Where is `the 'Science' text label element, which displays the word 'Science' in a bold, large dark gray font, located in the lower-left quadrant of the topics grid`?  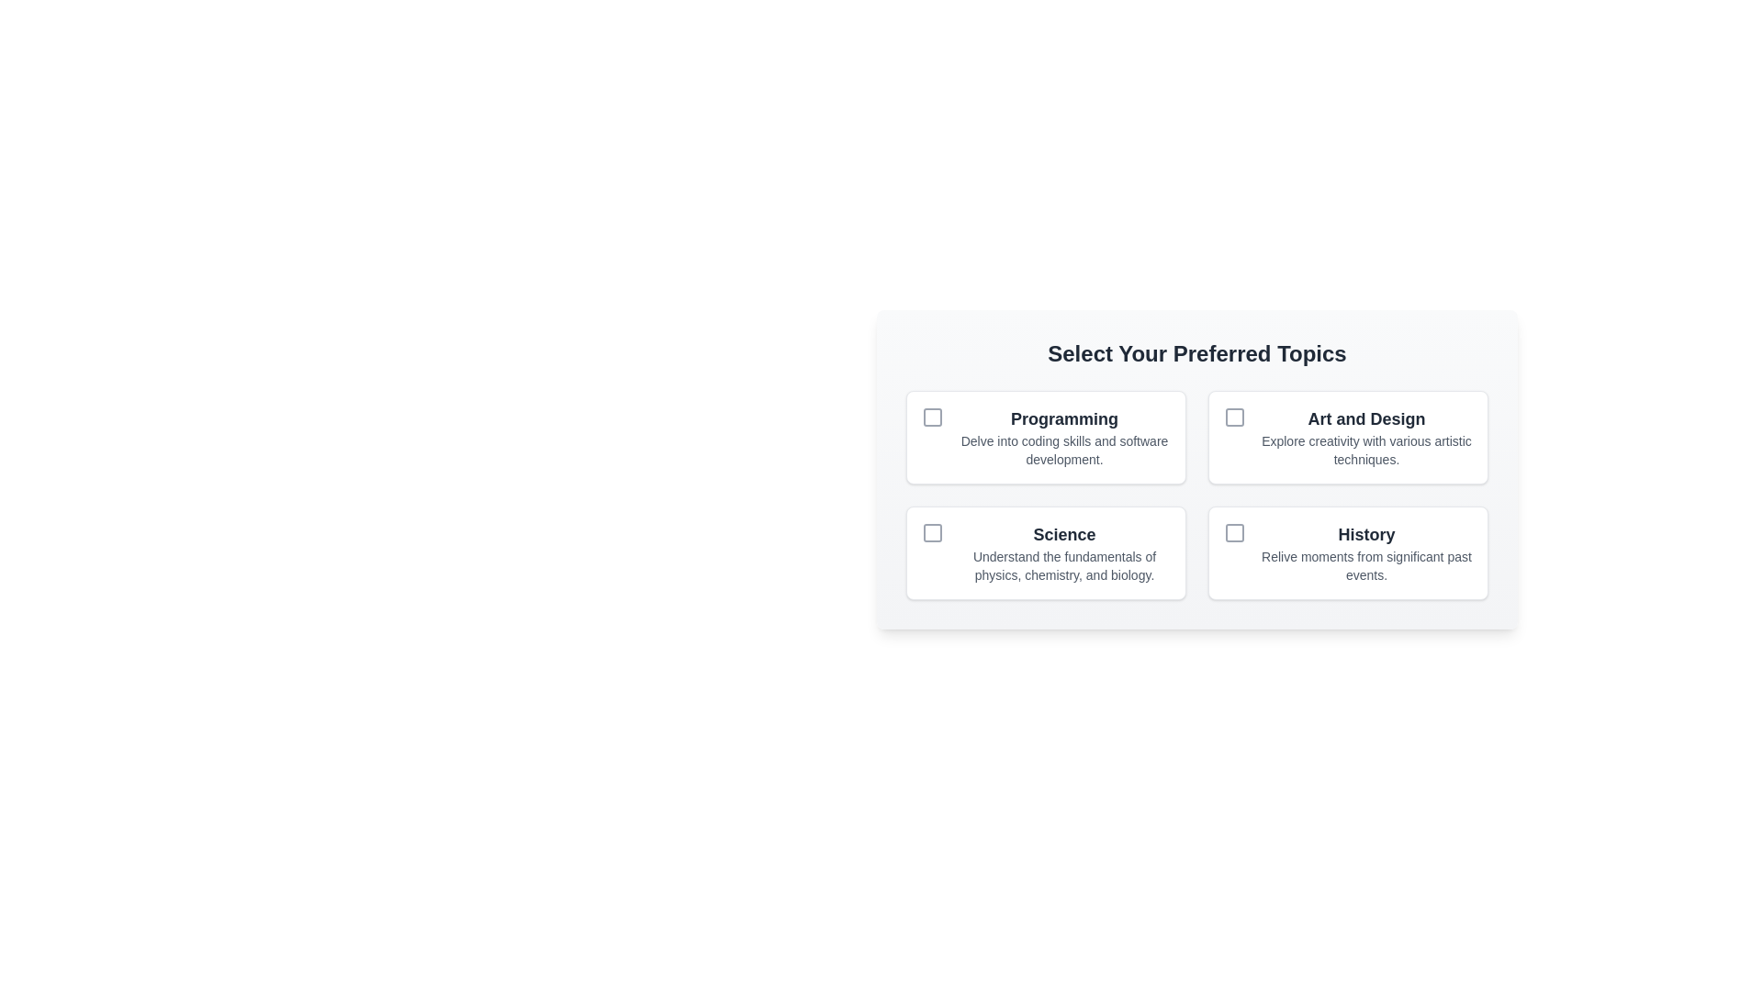 the 'Science' text label element, which displays the word 'Science' in a bold, large dark gray font, located in the lower-left quadrant of the topics grid is located at coordinates (1064, 534).